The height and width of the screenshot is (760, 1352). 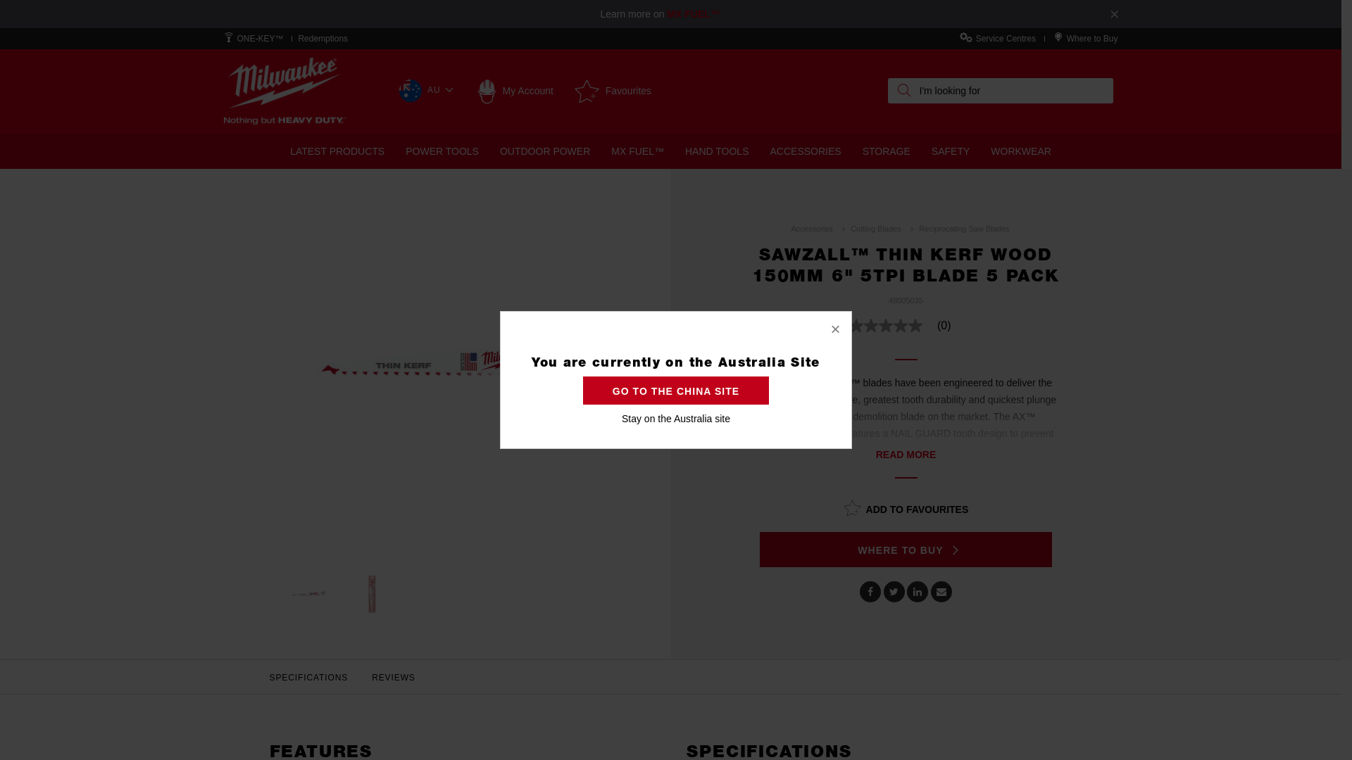 What do you see at coordinates (574, 90) in the screenshot?
I see `'Favourites'` at bounding box center [574, 90].